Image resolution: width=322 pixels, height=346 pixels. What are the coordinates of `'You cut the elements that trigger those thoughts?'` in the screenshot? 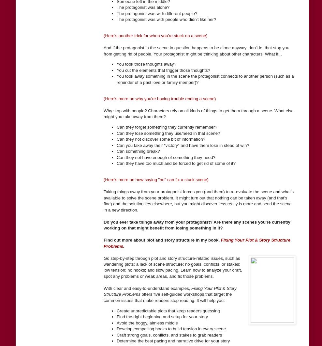 It's located at (163, 70).